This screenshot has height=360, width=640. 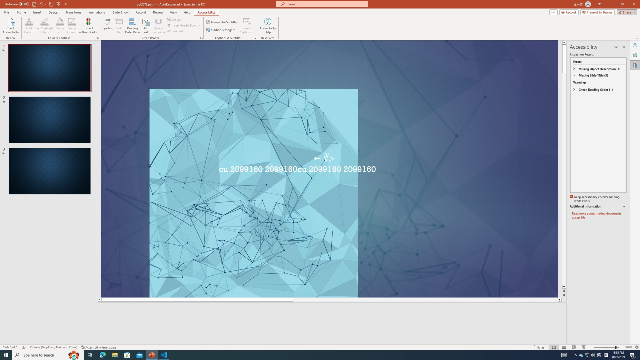 What do you see at coordinates (108, 26) in the screenshot?
I see `'Spelling...'` at bounding box center [108, 26].